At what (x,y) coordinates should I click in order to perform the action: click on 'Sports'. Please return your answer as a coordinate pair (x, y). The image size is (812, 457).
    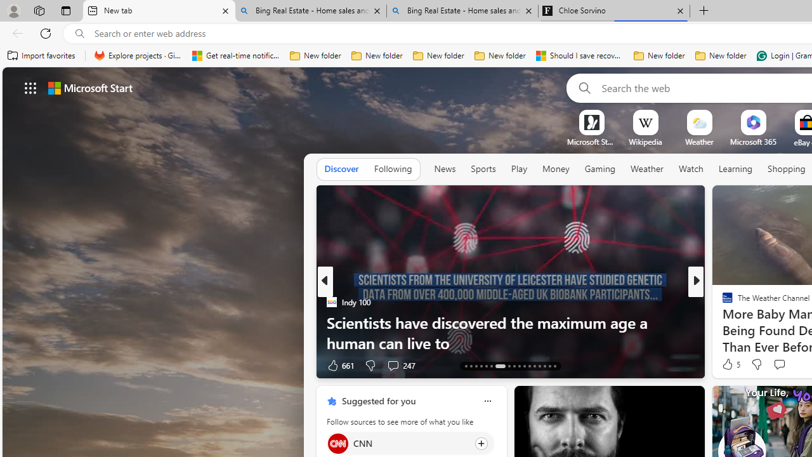
    Looking at the image, I should click on (482, 168).